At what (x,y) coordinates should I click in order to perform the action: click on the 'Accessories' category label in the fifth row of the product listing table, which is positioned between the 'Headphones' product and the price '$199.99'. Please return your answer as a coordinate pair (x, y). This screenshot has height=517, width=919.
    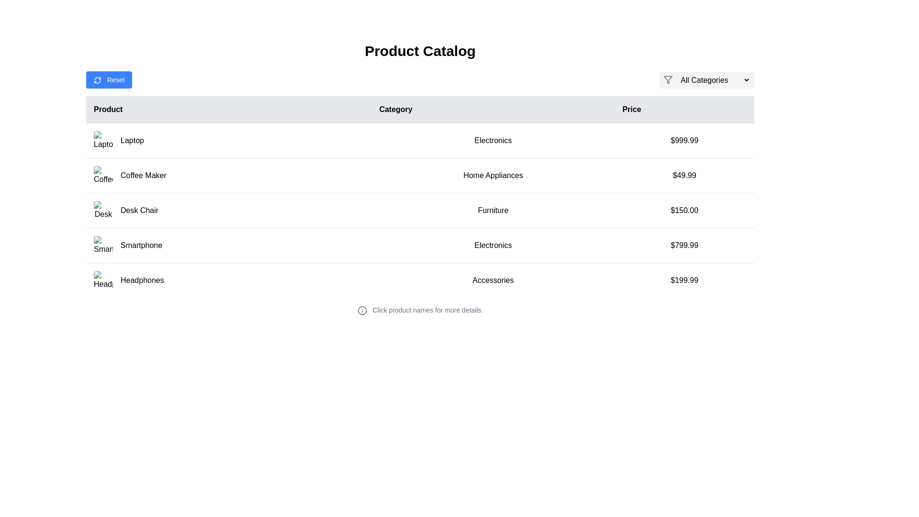
    Looking at the image, I should click on (493, 280).